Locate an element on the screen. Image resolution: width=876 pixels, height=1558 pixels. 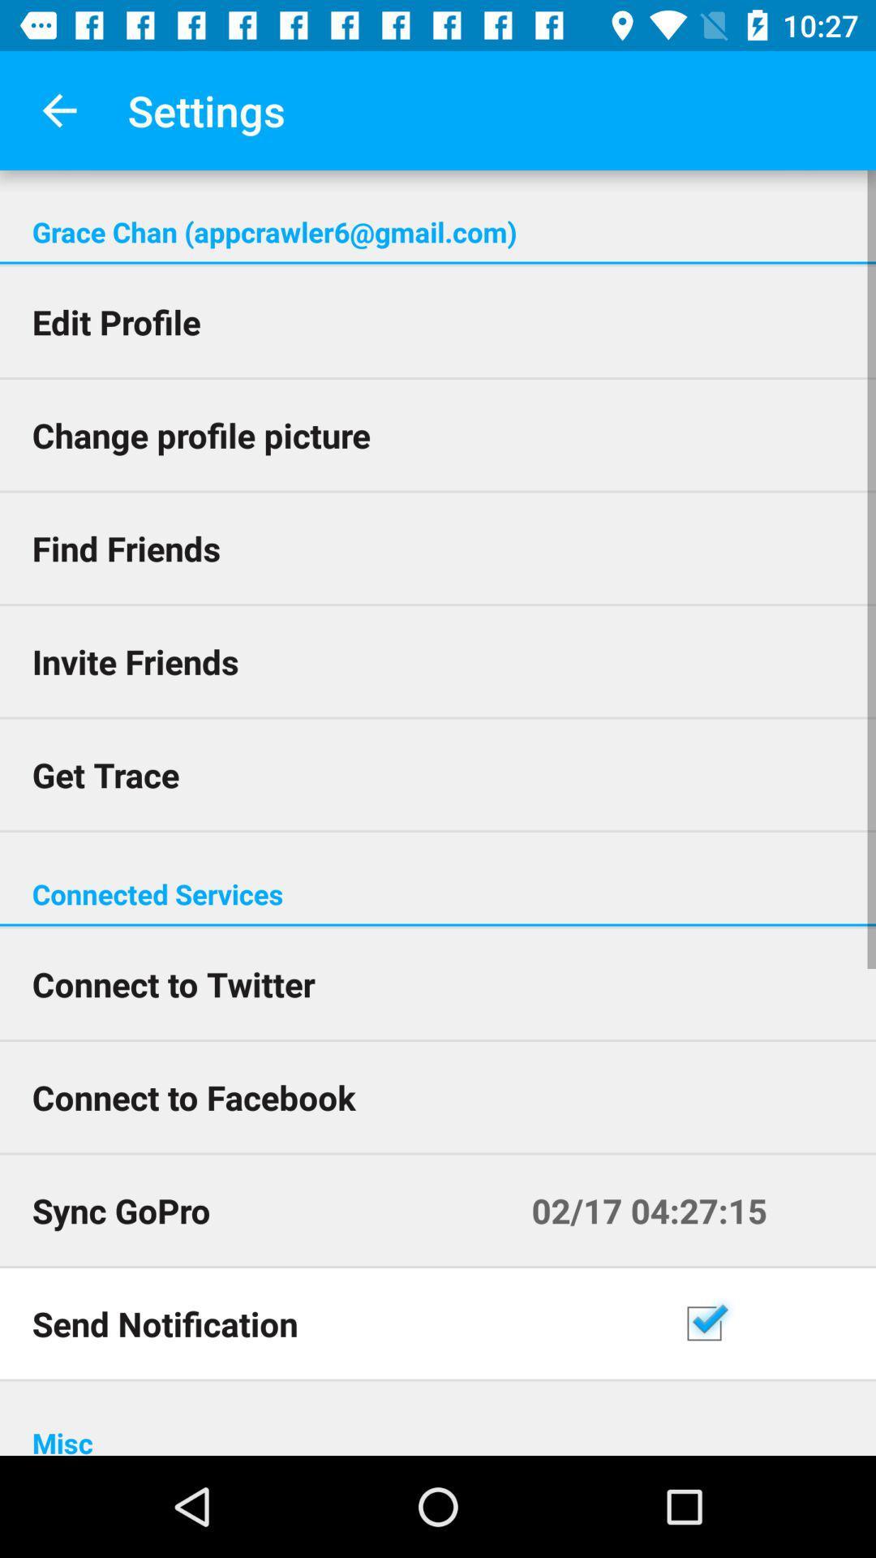
the item next to sync gopro item is located at coordinates (687, 1210).